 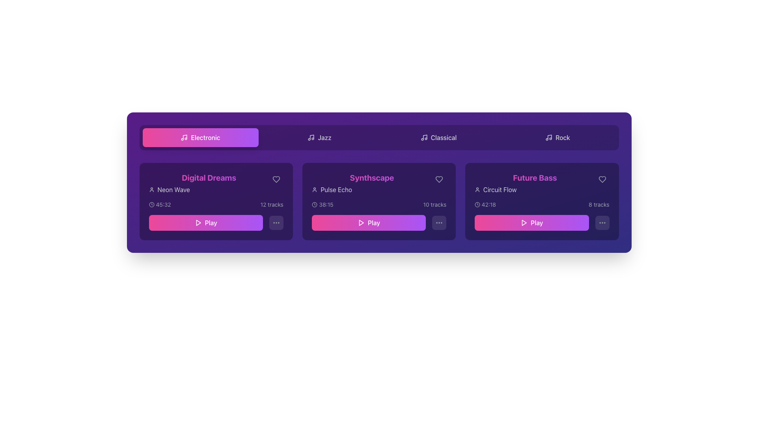 I want to click on the playback button for 'Digital Dreams', located at the bottom of the first card in a row of three cards, so click(x=216, y=222).